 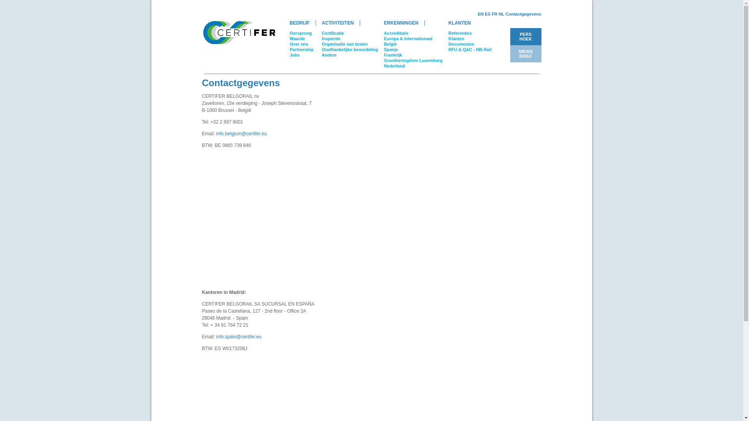 What do you see at coordinates (408, 39) in the screenshot?
I see `'Europa & Internationaal'` at bounding box center [408, 39].